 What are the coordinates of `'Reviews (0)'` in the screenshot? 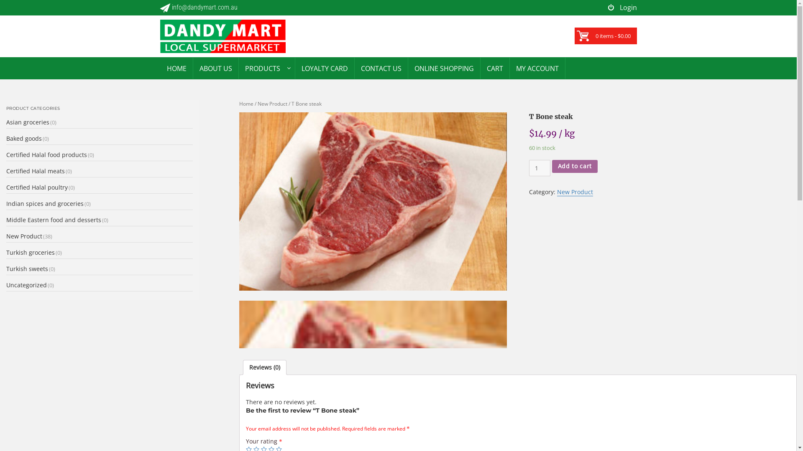 It's located at (264, 367).